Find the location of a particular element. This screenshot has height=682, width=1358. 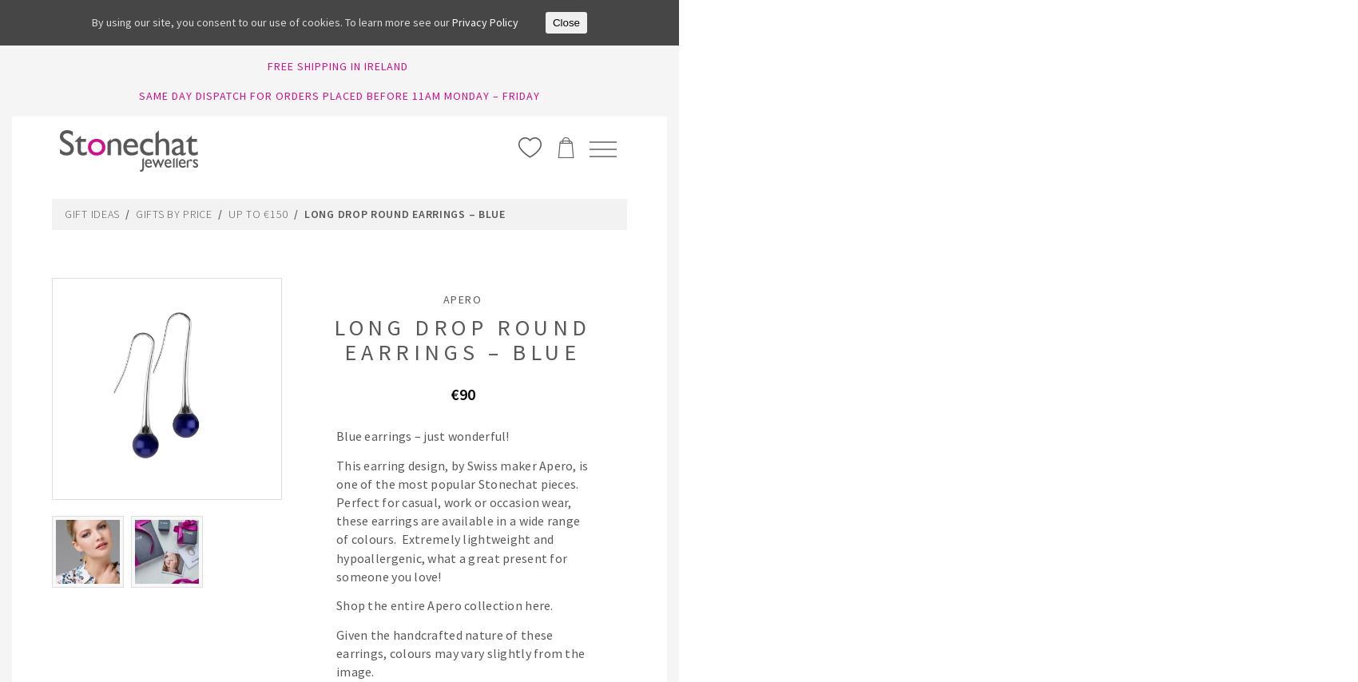

'This earring design, by Swiss maker Apero, is one of the most popular Stonechat pieces.  Perfect for casual, work or occasion wear, these earrings are available in a wide range of colours.  Extremely lightweight and hypoallergenic, what a great present for someone you love!' is located at coordinates (461, 521).